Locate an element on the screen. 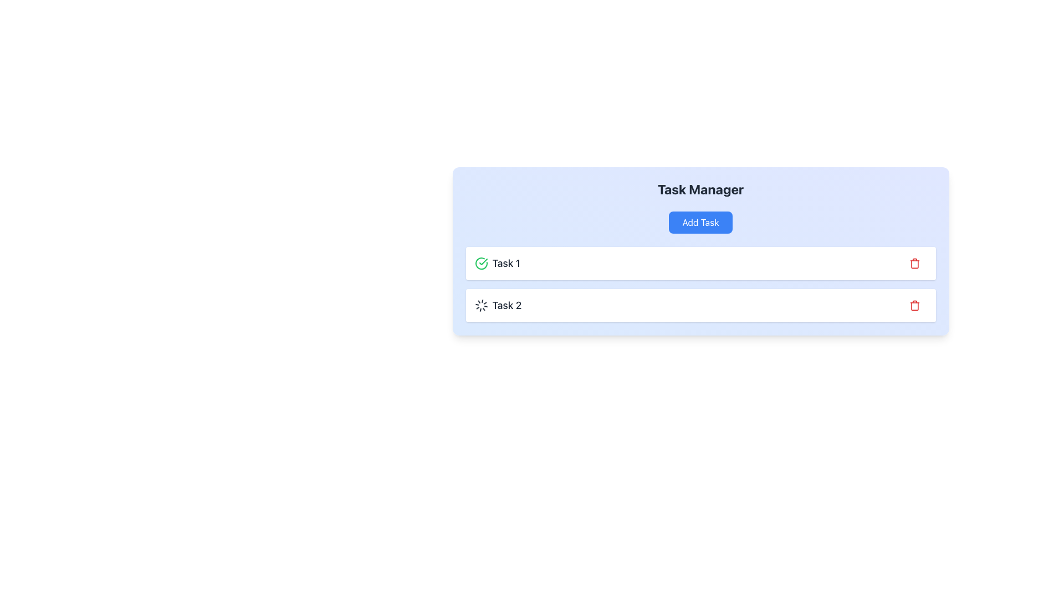  the trash bin icon button is located at coordinates (914, 306).